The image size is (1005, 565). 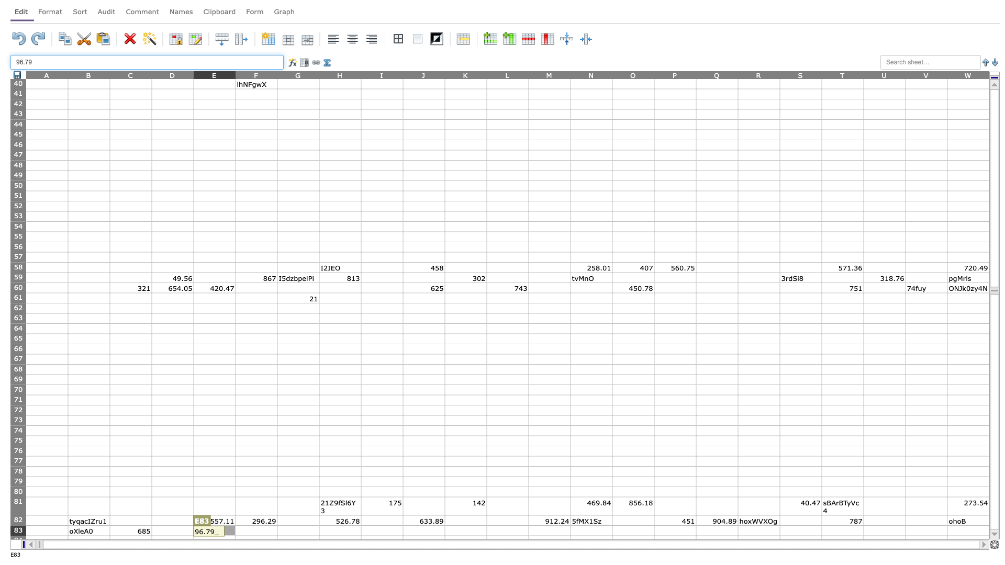 I want to click on right border at column G row 83, so click(x=318, y=530).